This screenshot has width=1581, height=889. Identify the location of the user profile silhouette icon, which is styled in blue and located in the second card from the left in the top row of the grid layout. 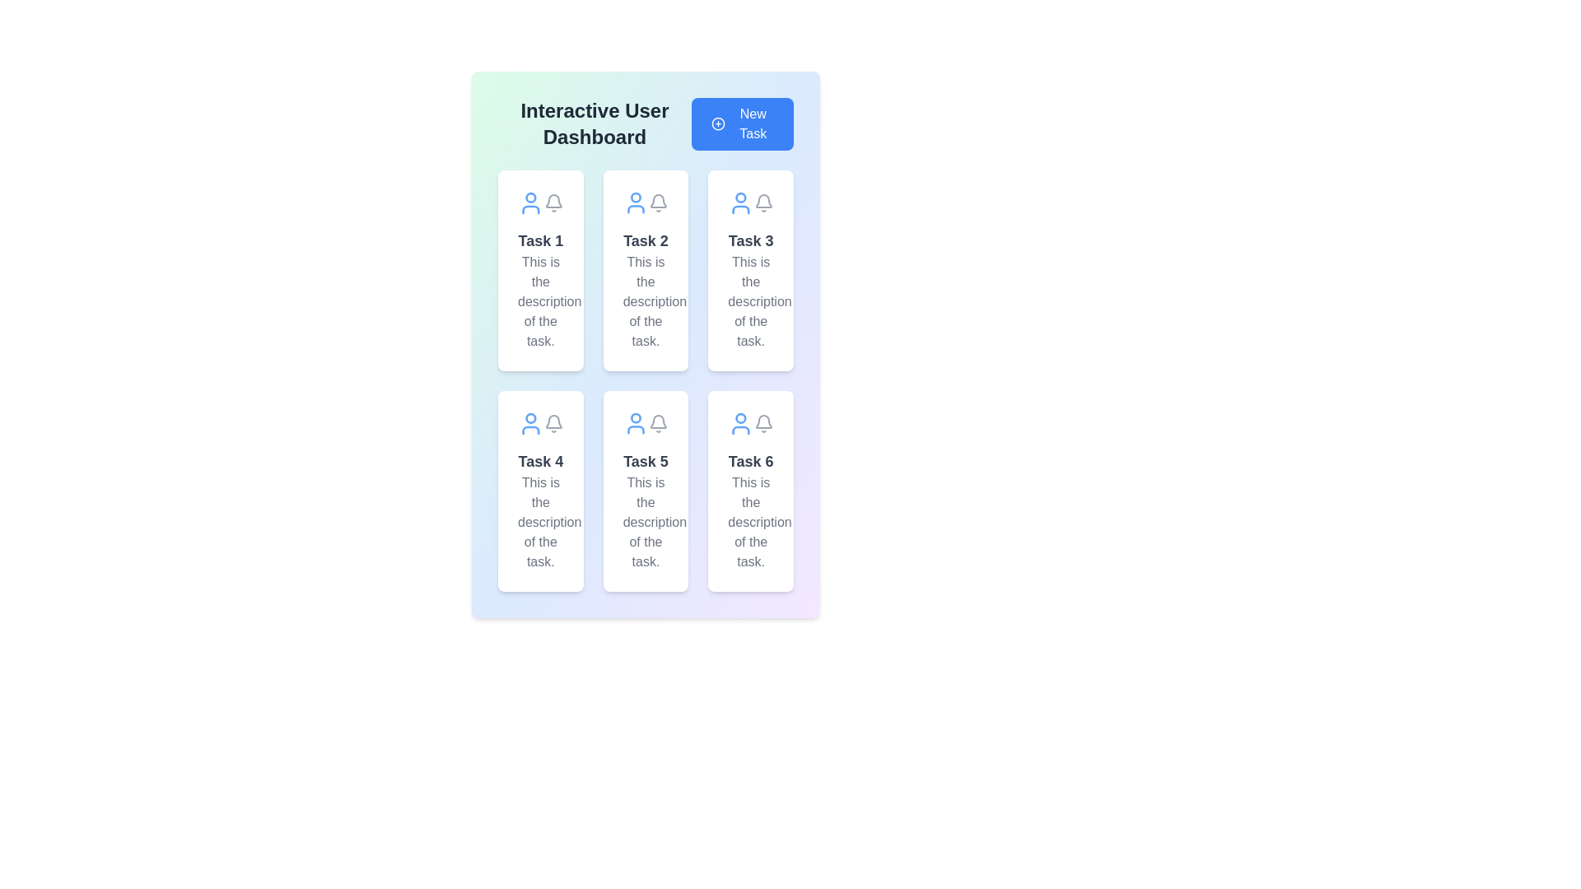
(635, 202).